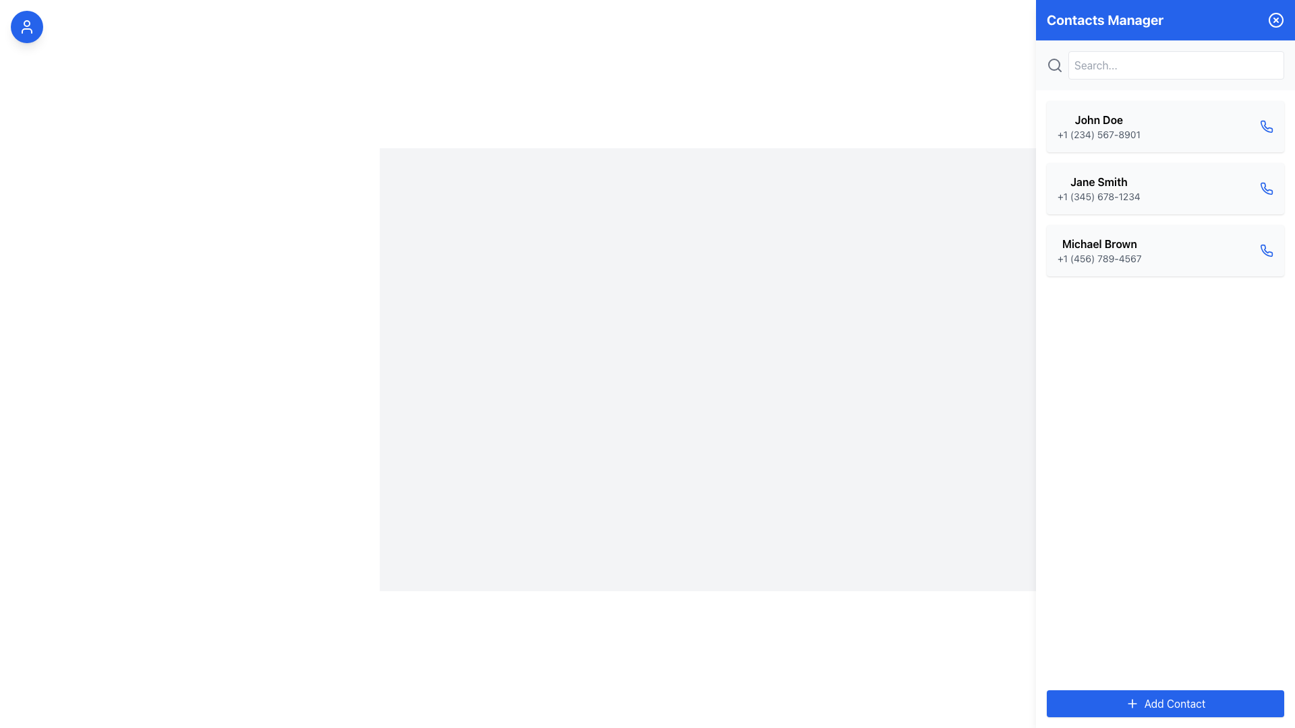 Image resolution: width=1295 pixels, height=728 pixels. What do you see at coordinates (1265, 127) in the screenshot?
I see `the icon button resembling a phone handset, which is styled with blue strokes and located to the right of the contact information for 'John Doe'` at bounding box center [1265, 127].